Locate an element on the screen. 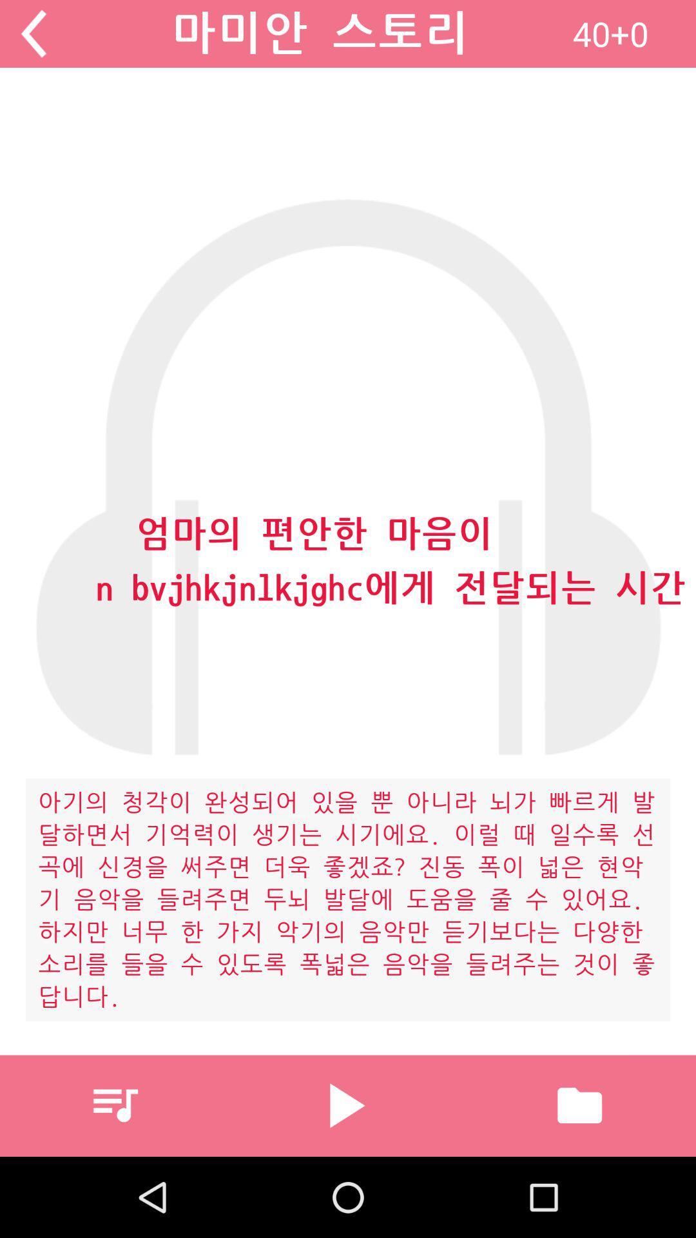  the arrow_backward icon is located at coordinates (33, 36).